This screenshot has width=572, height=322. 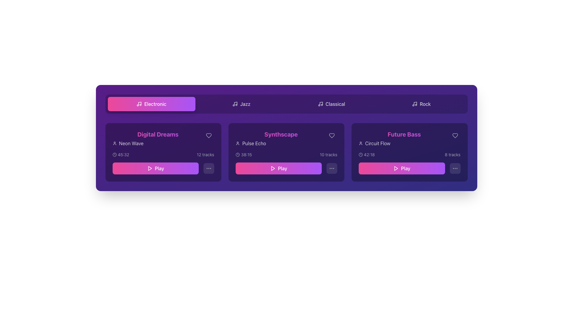 What do you see at coordinates (282, 168) in the screenshot?
I see `the textual label indicating the functionality of the 'Play' button within the 'Synthscape' card` at bounding box center [282, 168].